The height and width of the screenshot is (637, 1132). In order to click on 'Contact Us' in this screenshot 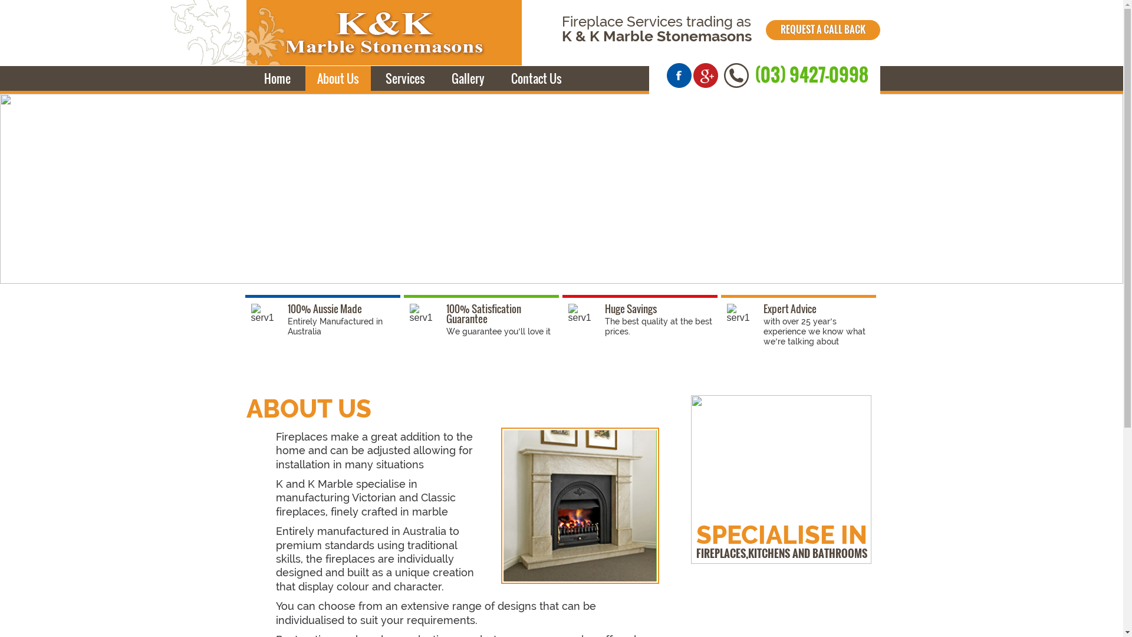, I will do `click(535, 78)`.